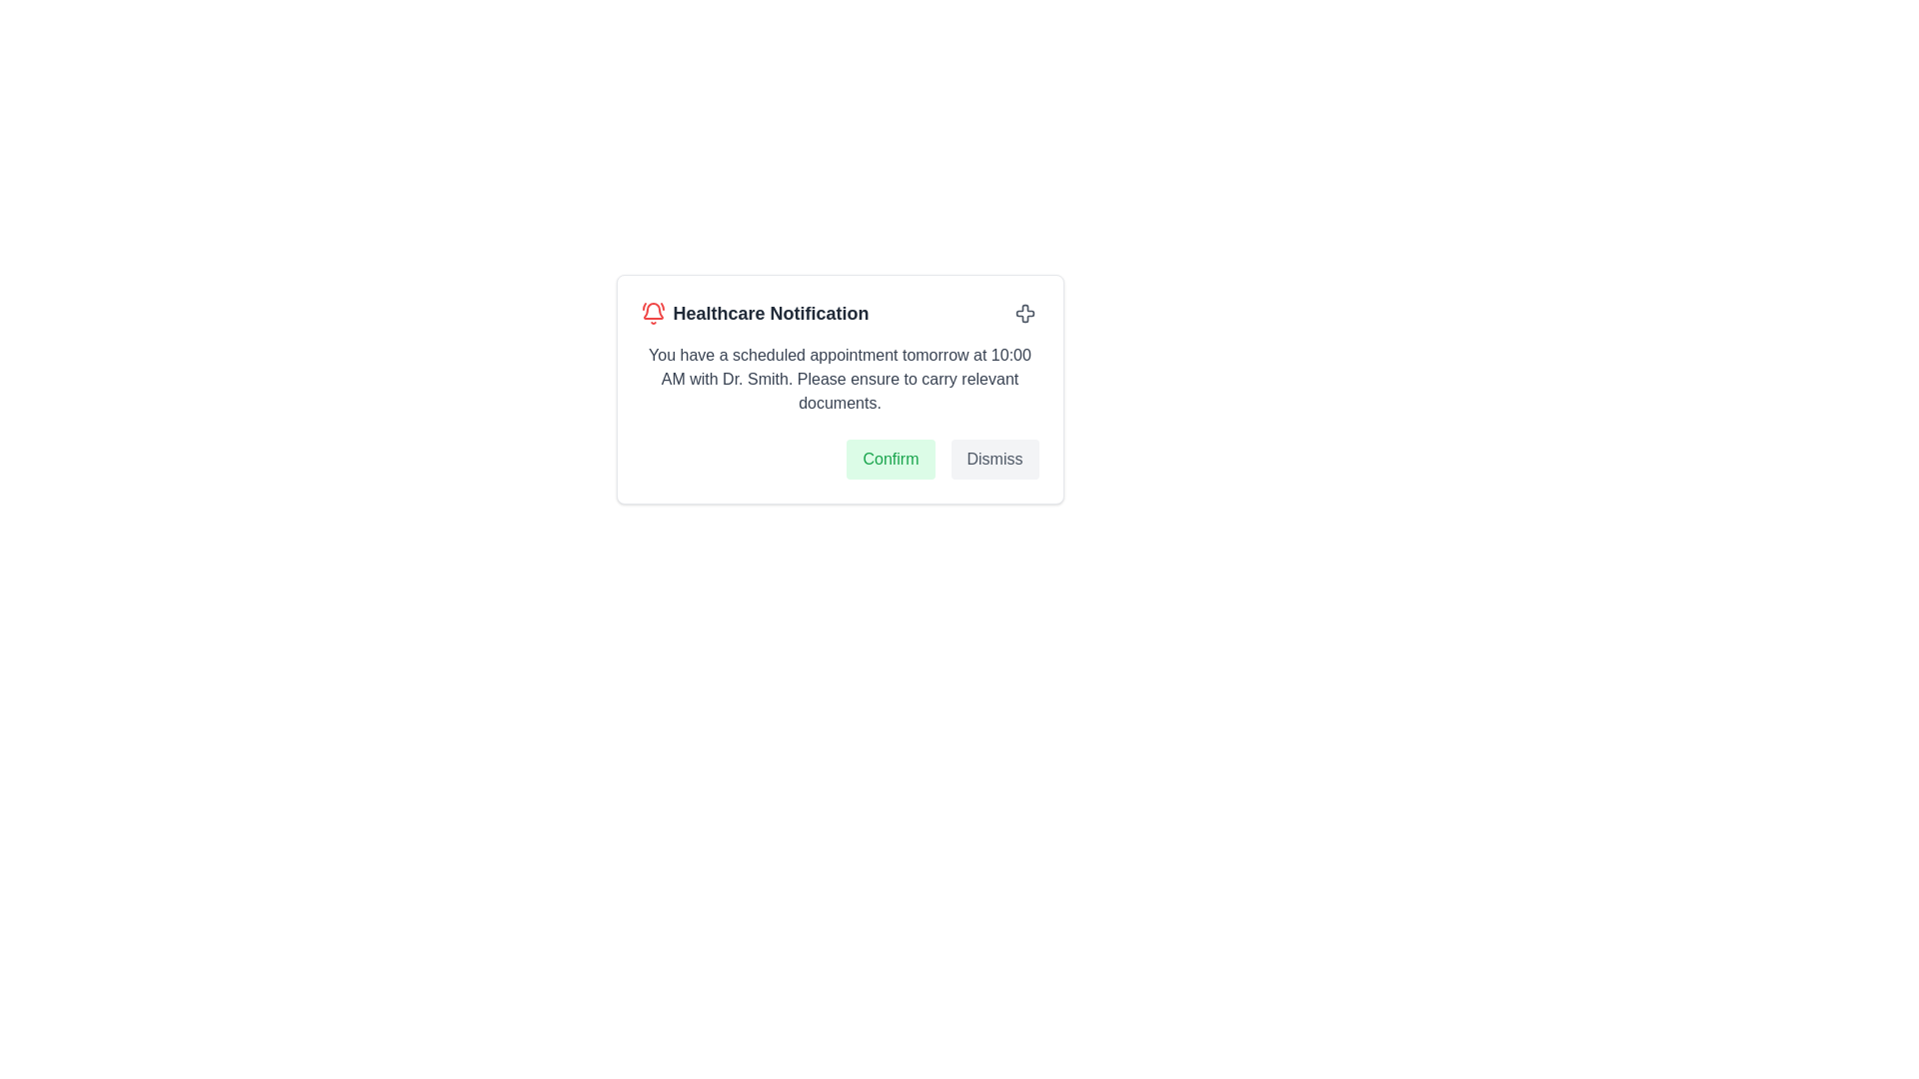  Describe the element at coordinates (994, 459) in the screenshot. I see `the dismiss button located at the bottom-right corner of the notification interface` at that location.